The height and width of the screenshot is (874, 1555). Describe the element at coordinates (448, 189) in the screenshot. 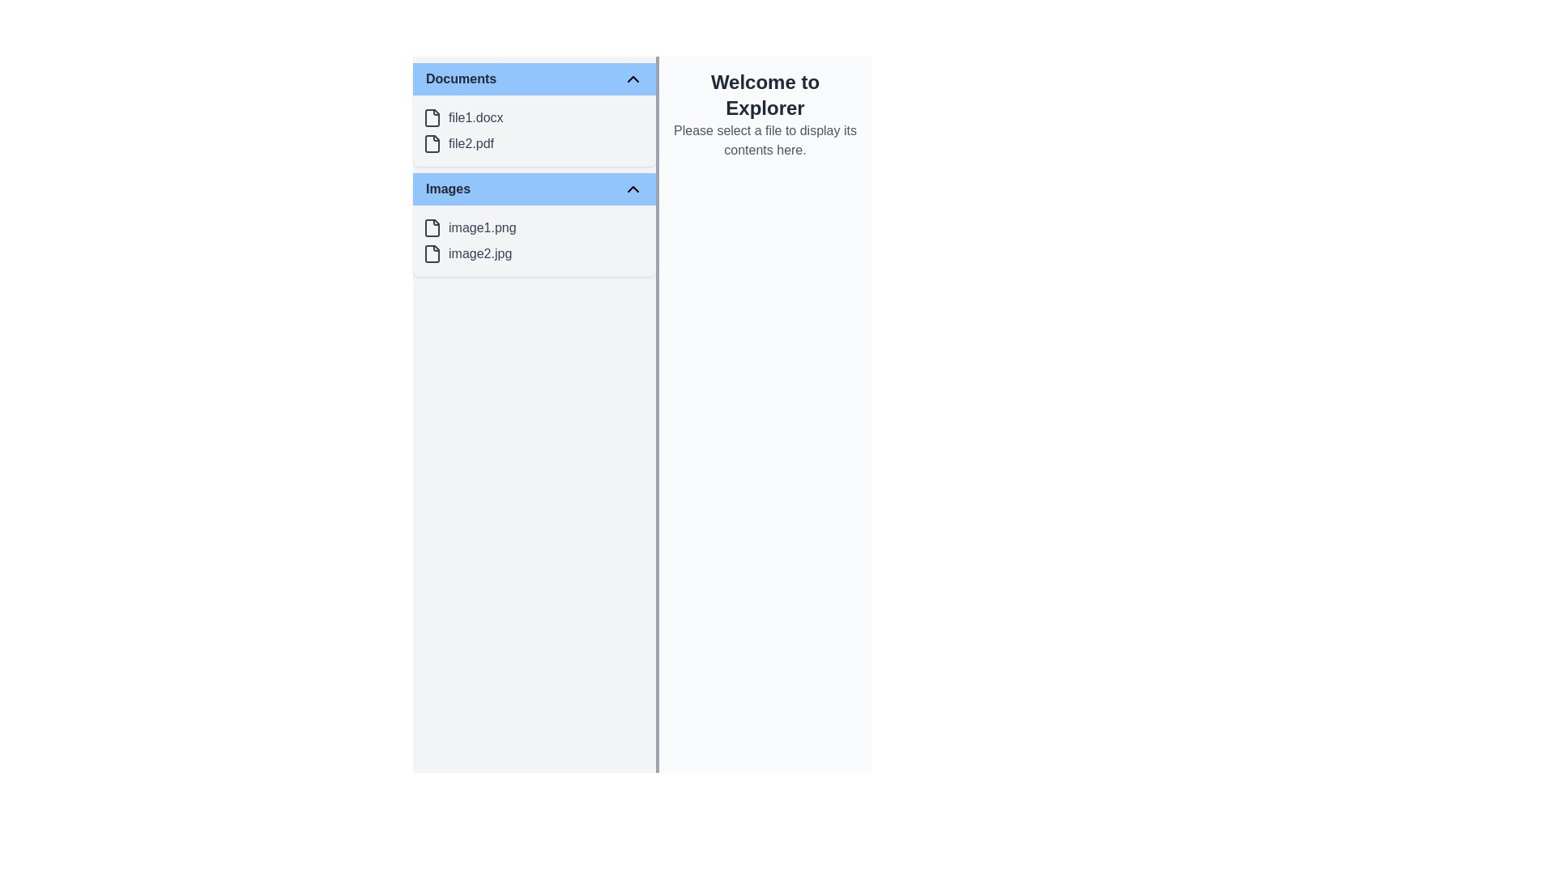

I see `to select the 'Images' folder located in the first row of the second section under the 'Documents' header in the file navigation panel` at that location.